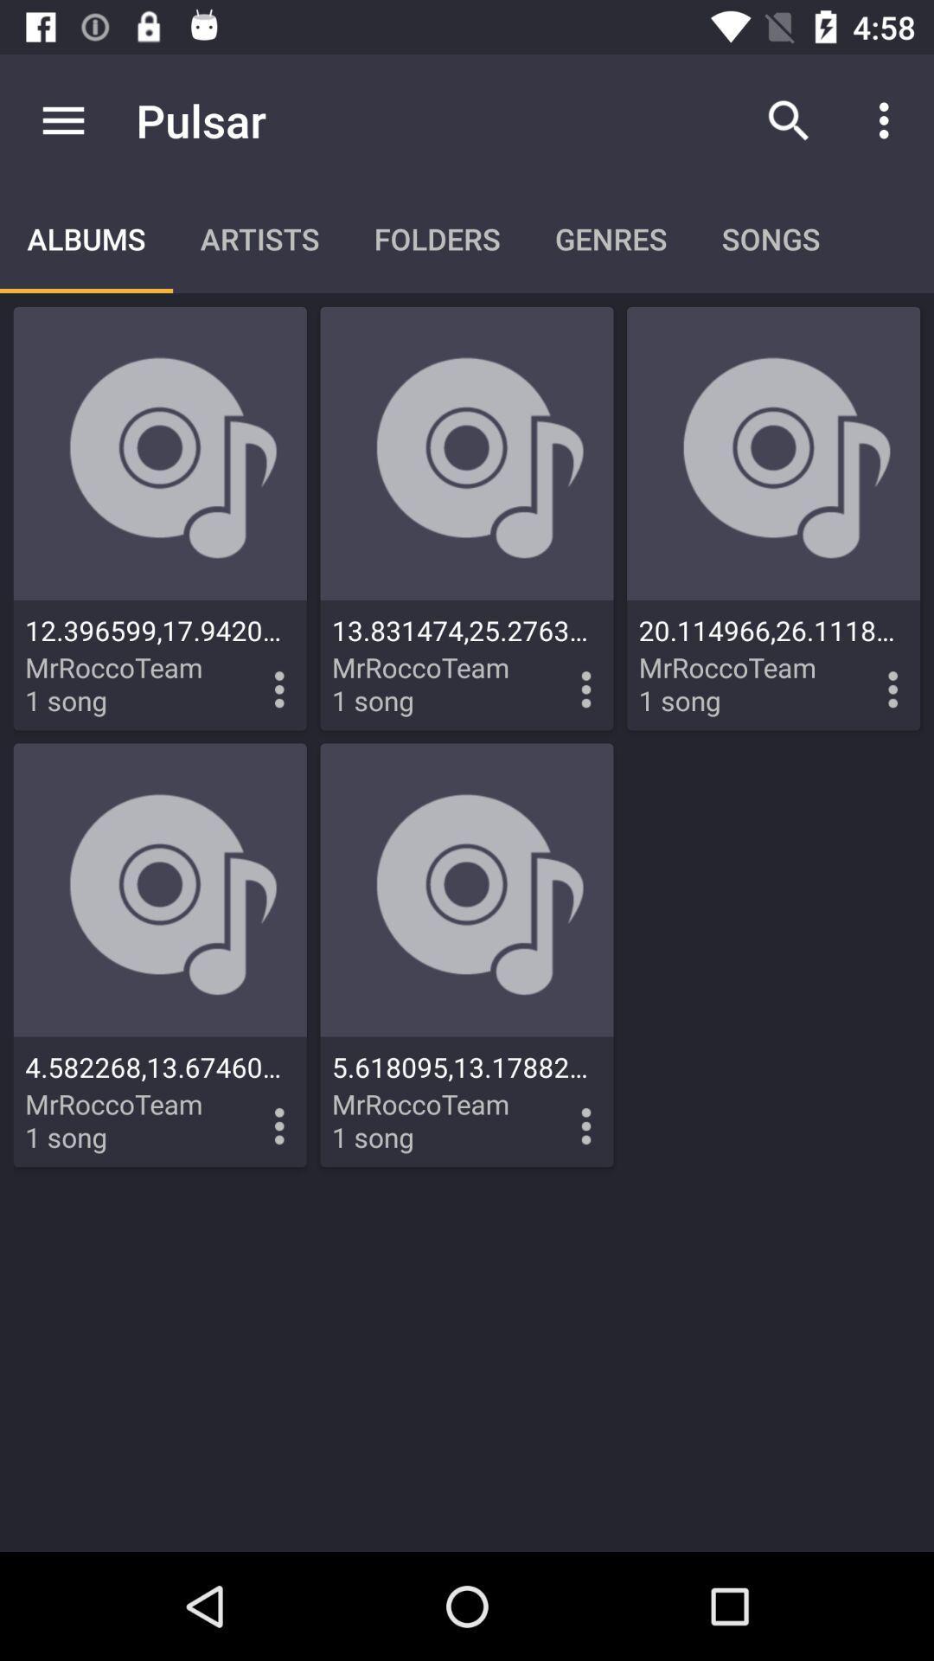 The width and height of the screenshot is (934, 1661). What do you see at coordinates (160, 518) in the screenshot?
I see `navigate to first album` at bounding box center [160, 518].